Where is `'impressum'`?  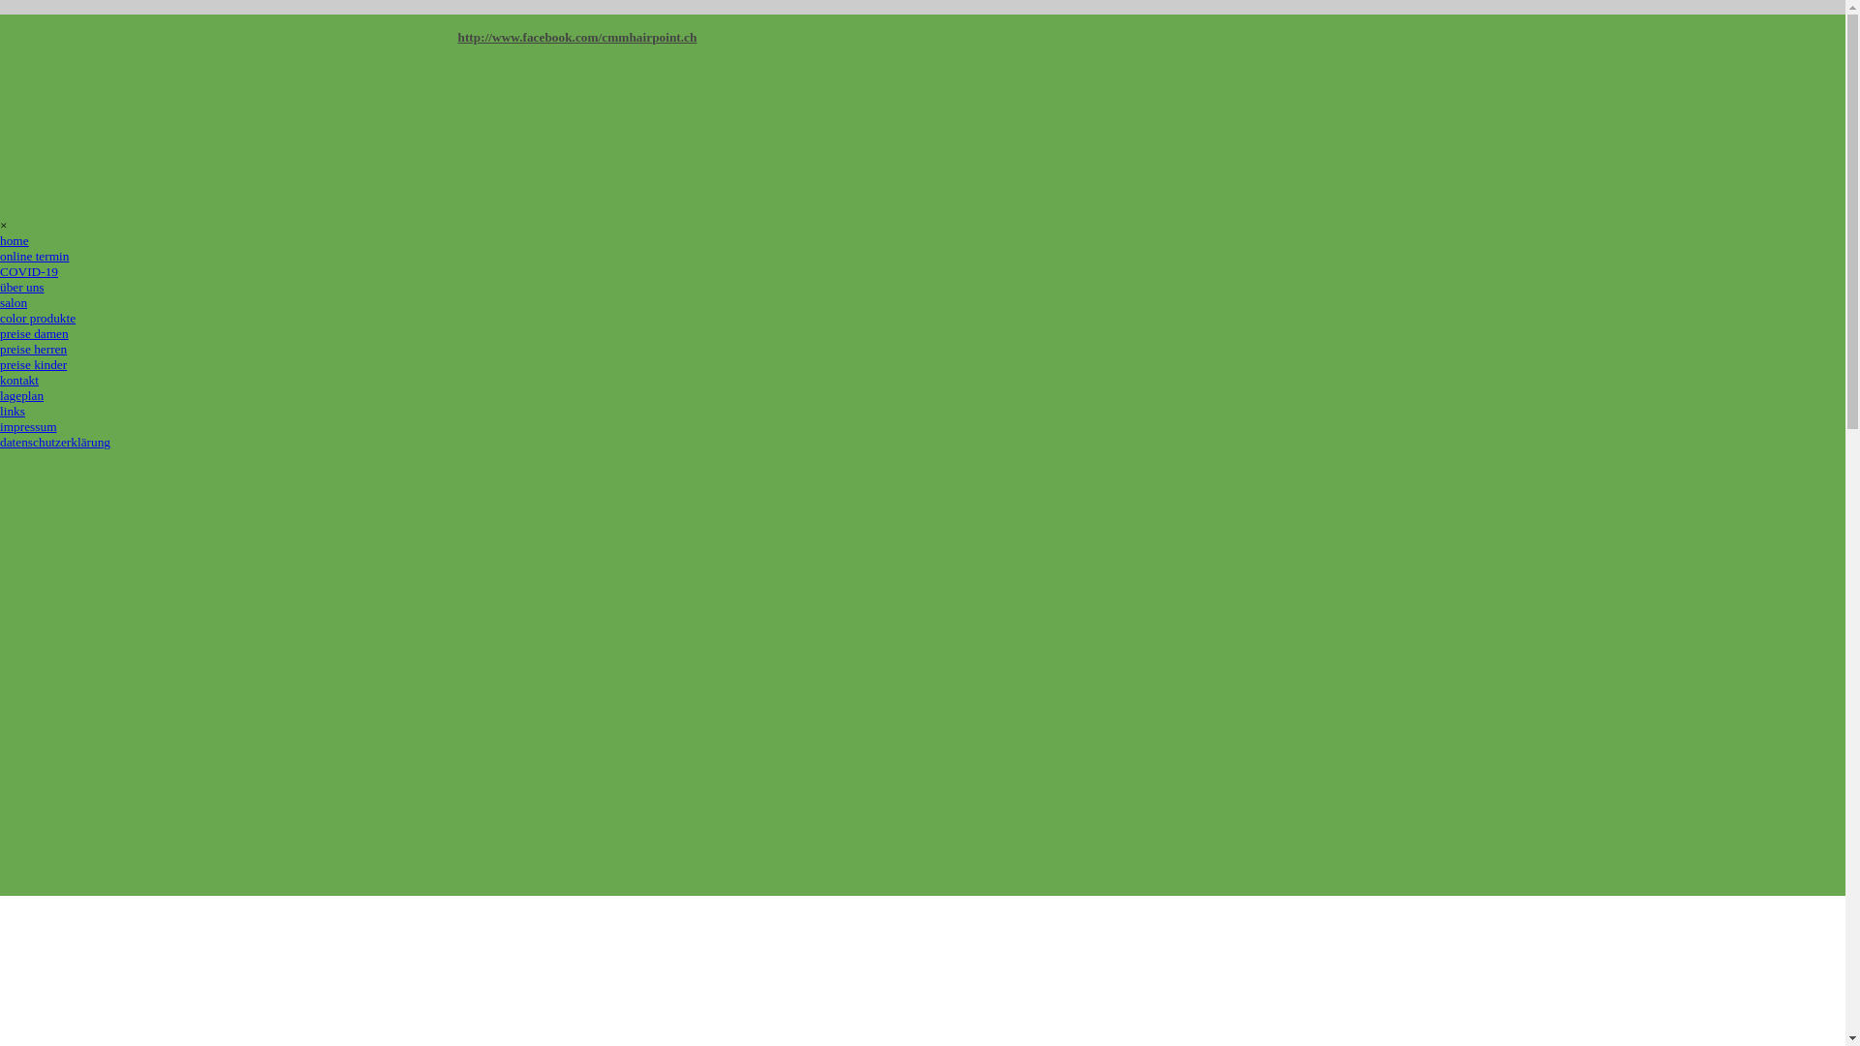 'impressum' is located at coordinates (28, 425).